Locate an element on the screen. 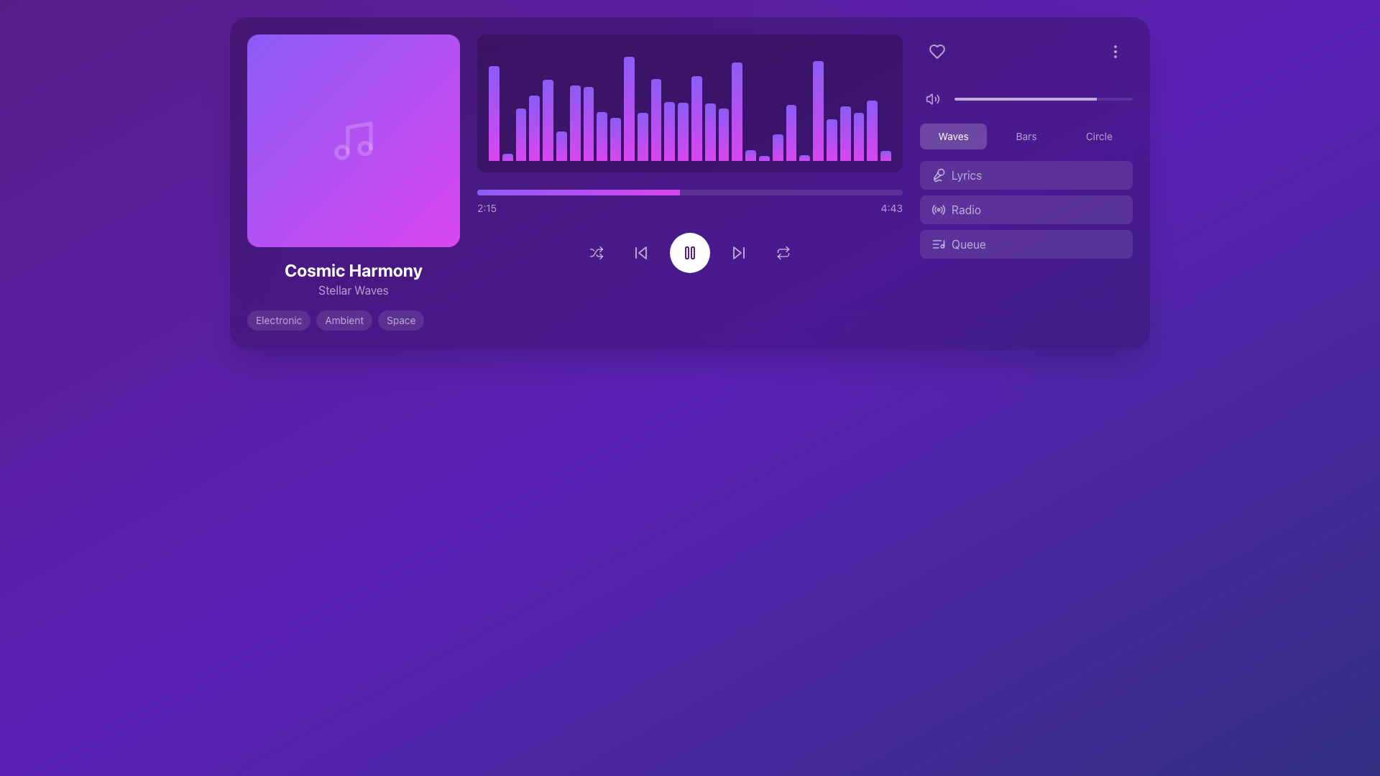  the 'Electronic' category button located in the lower left region of the album section is located at coordinates (279, 320).